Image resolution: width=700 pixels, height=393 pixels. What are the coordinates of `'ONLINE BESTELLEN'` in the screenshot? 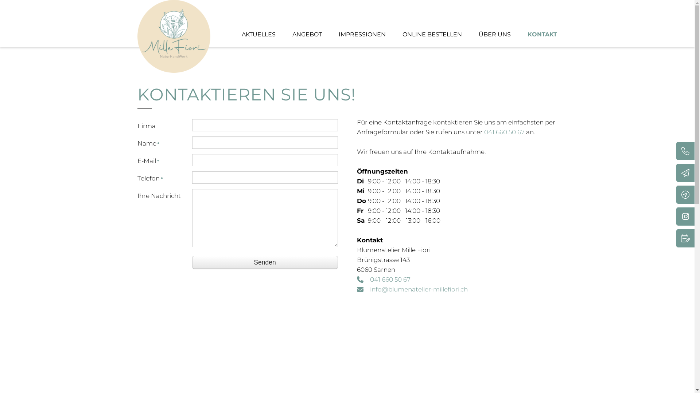 It's located at (432, 34).